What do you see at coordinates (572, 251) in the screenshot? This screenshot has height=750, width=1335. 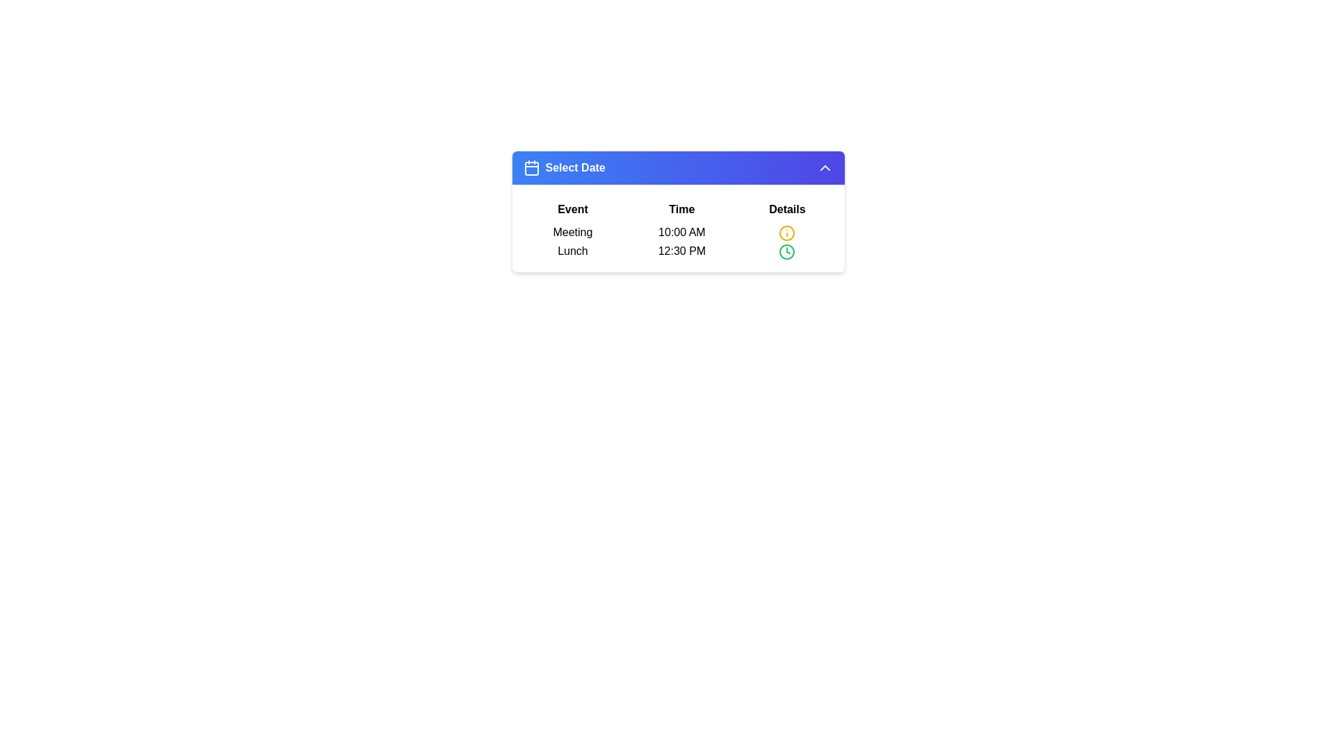 I see `text displayed in the text label that says 'Lunch', located in the second row of the table under the 'Event' column` at bounding box center [572, 251].